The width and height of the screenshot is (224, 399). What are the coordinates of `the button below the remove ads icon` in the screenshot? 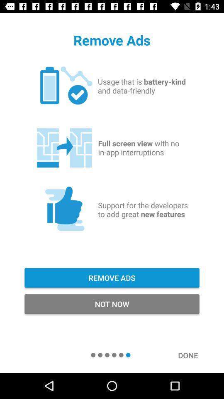 It's located at (112, 303).